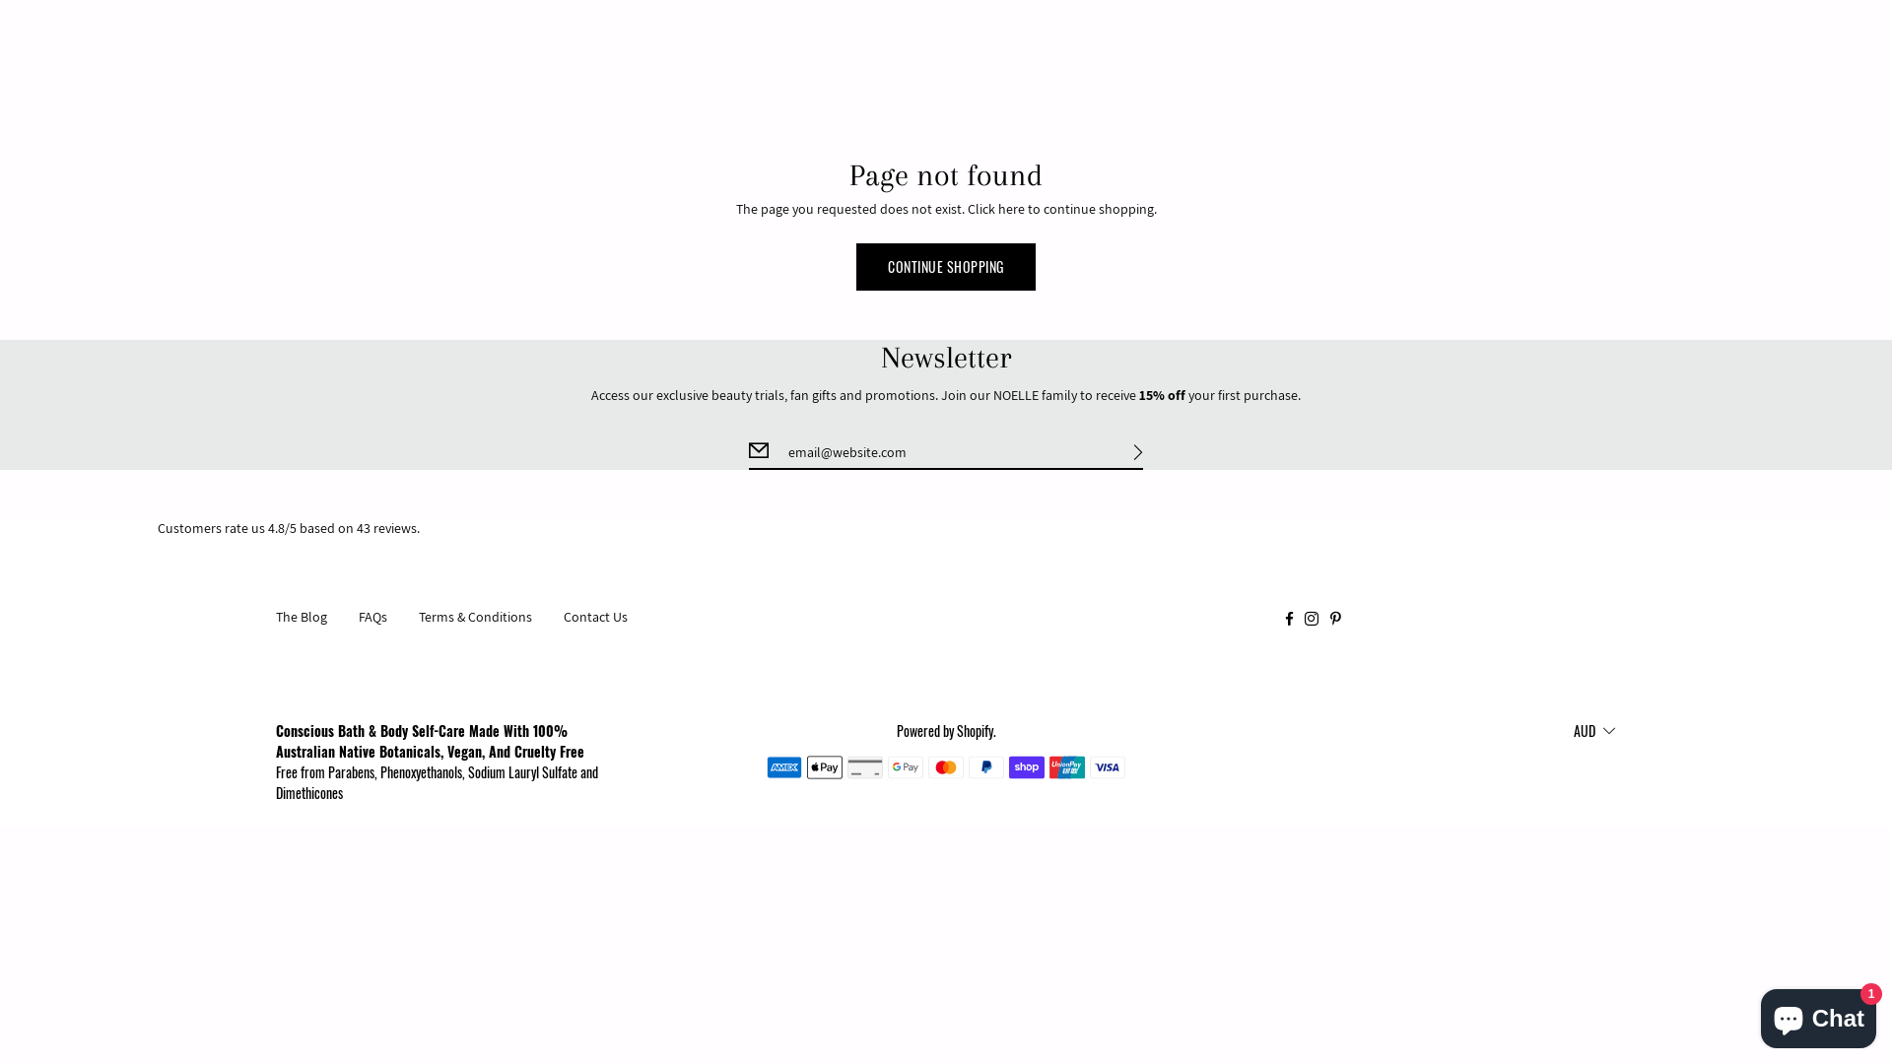 The height and width of the screenshot is (1064, 1892). Describe the element at coordinates (1329, 615) in the screenshot. I see `'Pinterest'` at that location.